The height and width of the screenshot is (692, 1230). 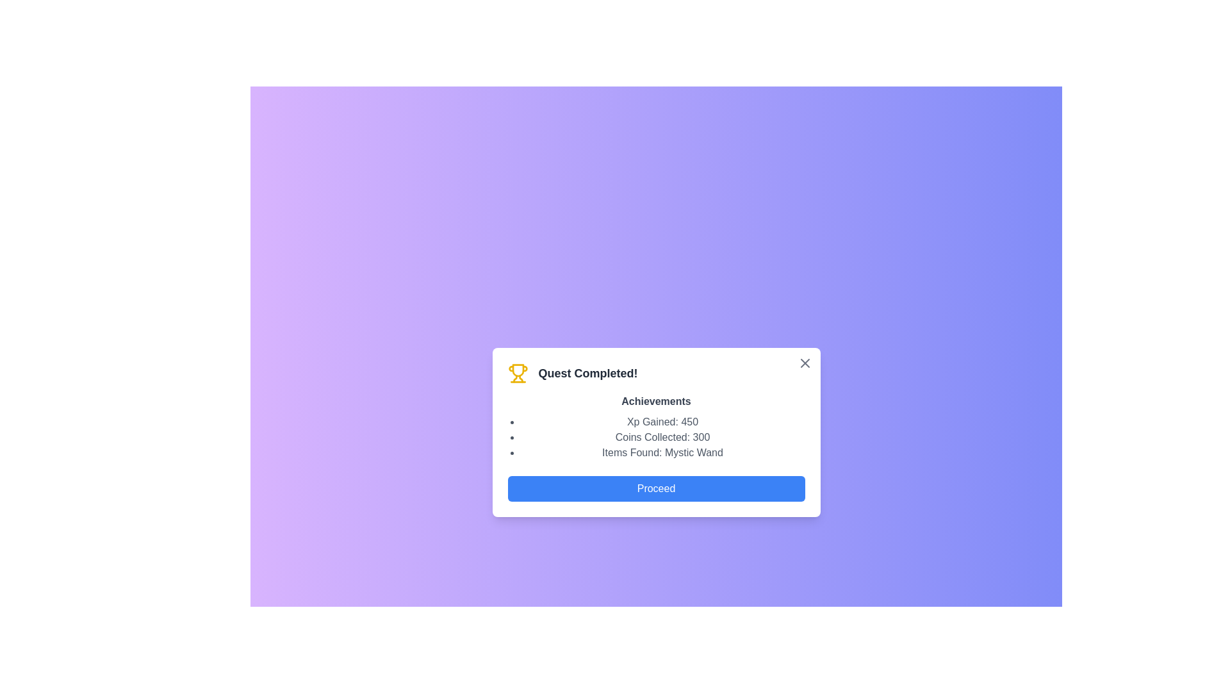 I want to click on the Trophy icon to emphasize it visually, so click(x=518, y=373).